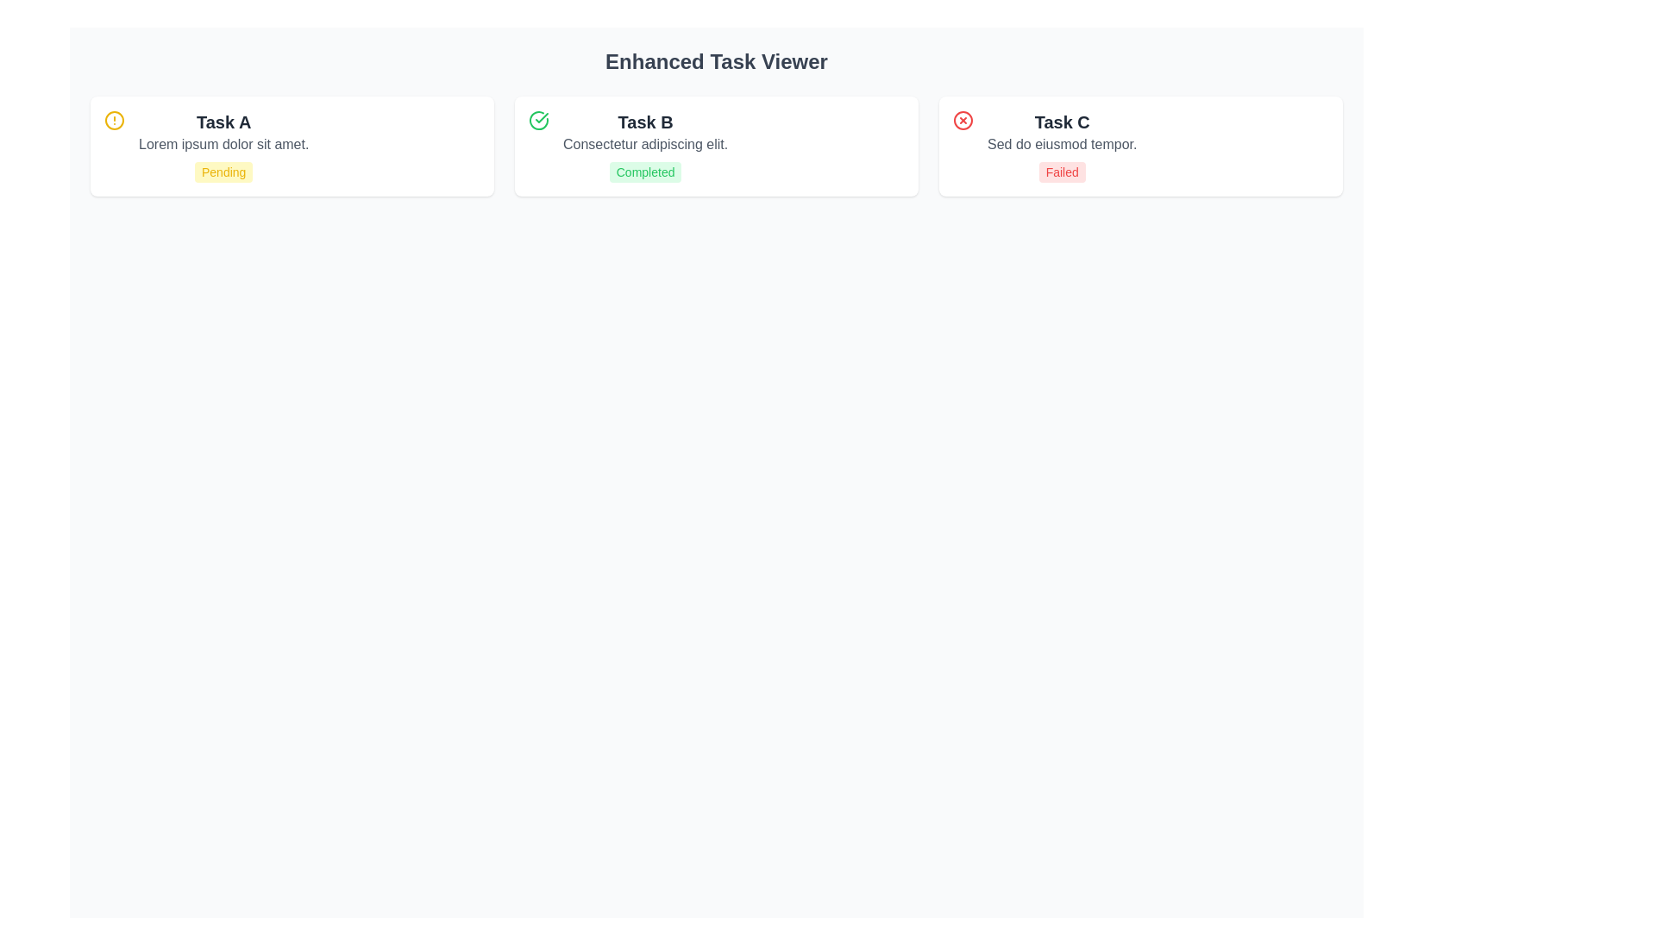 Image resolution: width=1656 pixels, height=931 pixels. Describe the element at coordinates (963, 119) in the screenshot. I see `the larger interactive circular boundary of the red cancel icon associated with Task C, which contains the 'X' shape` at that location.